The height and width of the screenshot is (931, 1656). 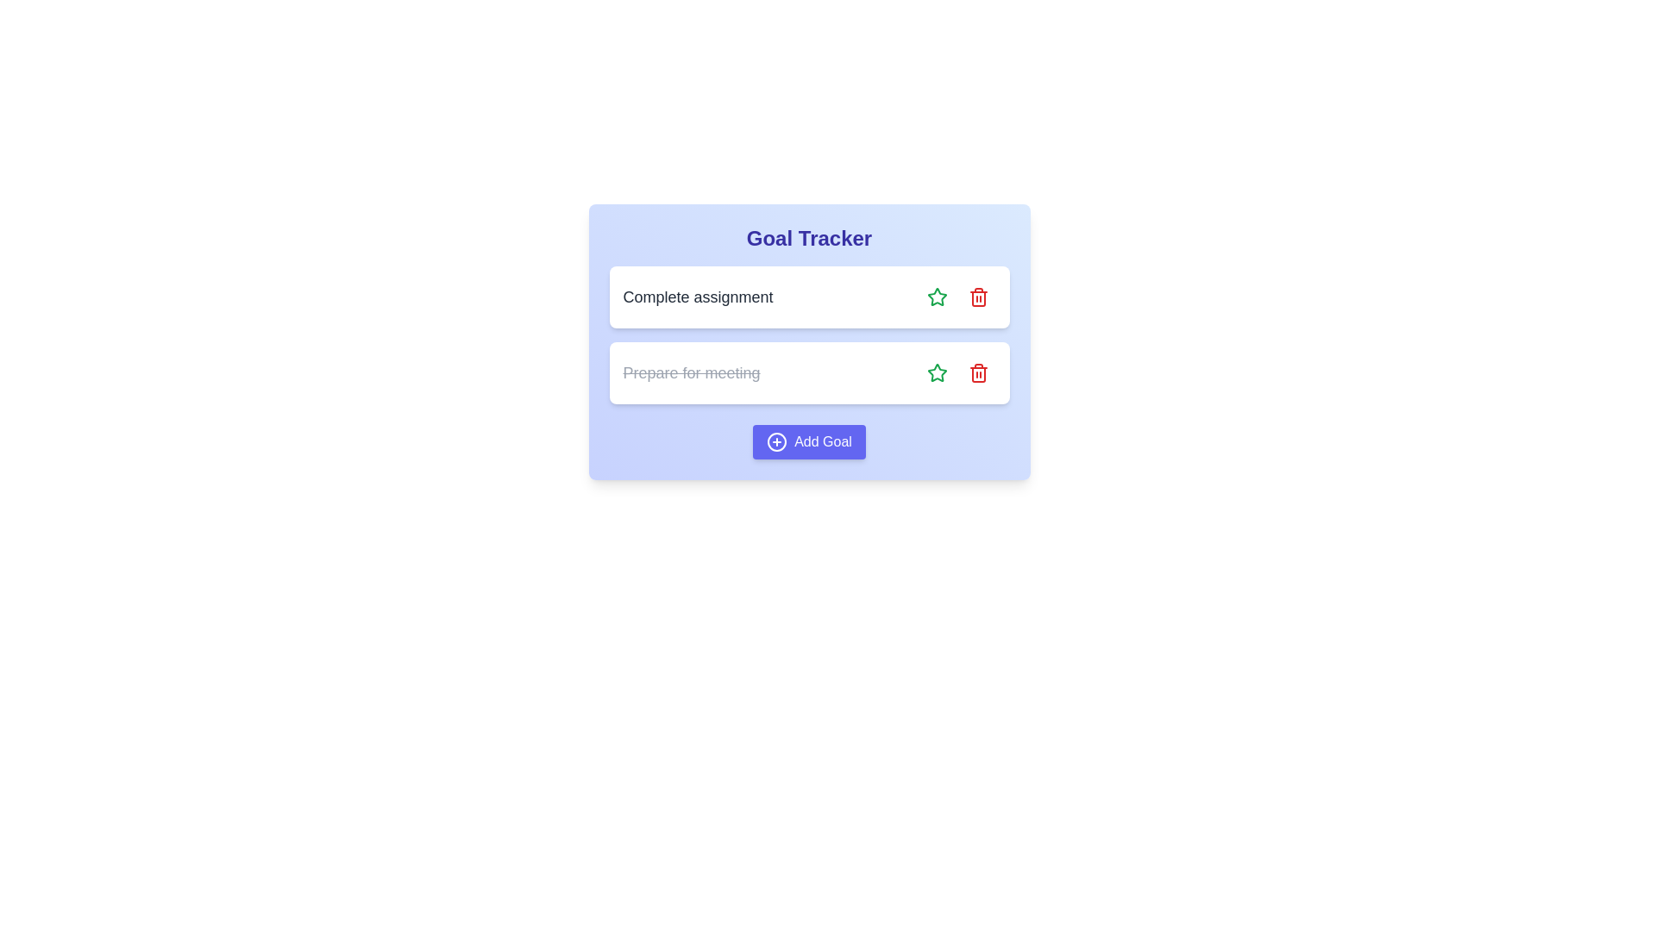 What do you see at coordinates (691, 372) in the screenshot?
I see `the completed task description text label for 'Prepare for meeting', which is styled with a strikethrough and located on the left side of a white rounded corner card in the second entry of a task list` at bounding box center [691, 372].